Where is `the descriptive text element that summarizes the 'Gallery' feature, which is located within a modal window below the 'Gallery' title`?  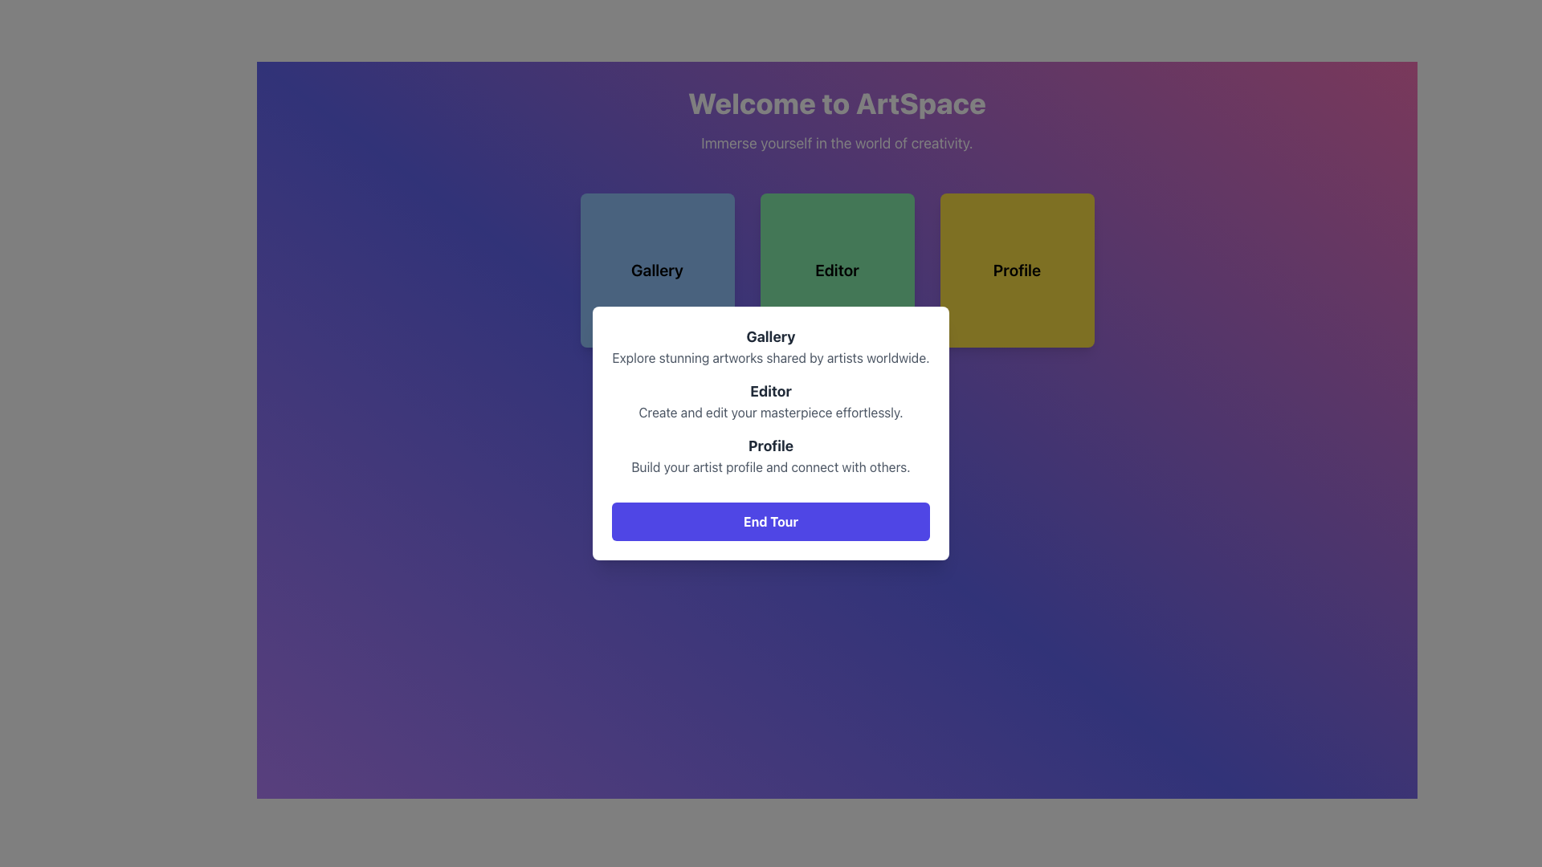 the descriptive text element that summarizes the 'Gallery' feature, which is located within a modal window below the 'Gallery' title is located at coordinates (771, 357).